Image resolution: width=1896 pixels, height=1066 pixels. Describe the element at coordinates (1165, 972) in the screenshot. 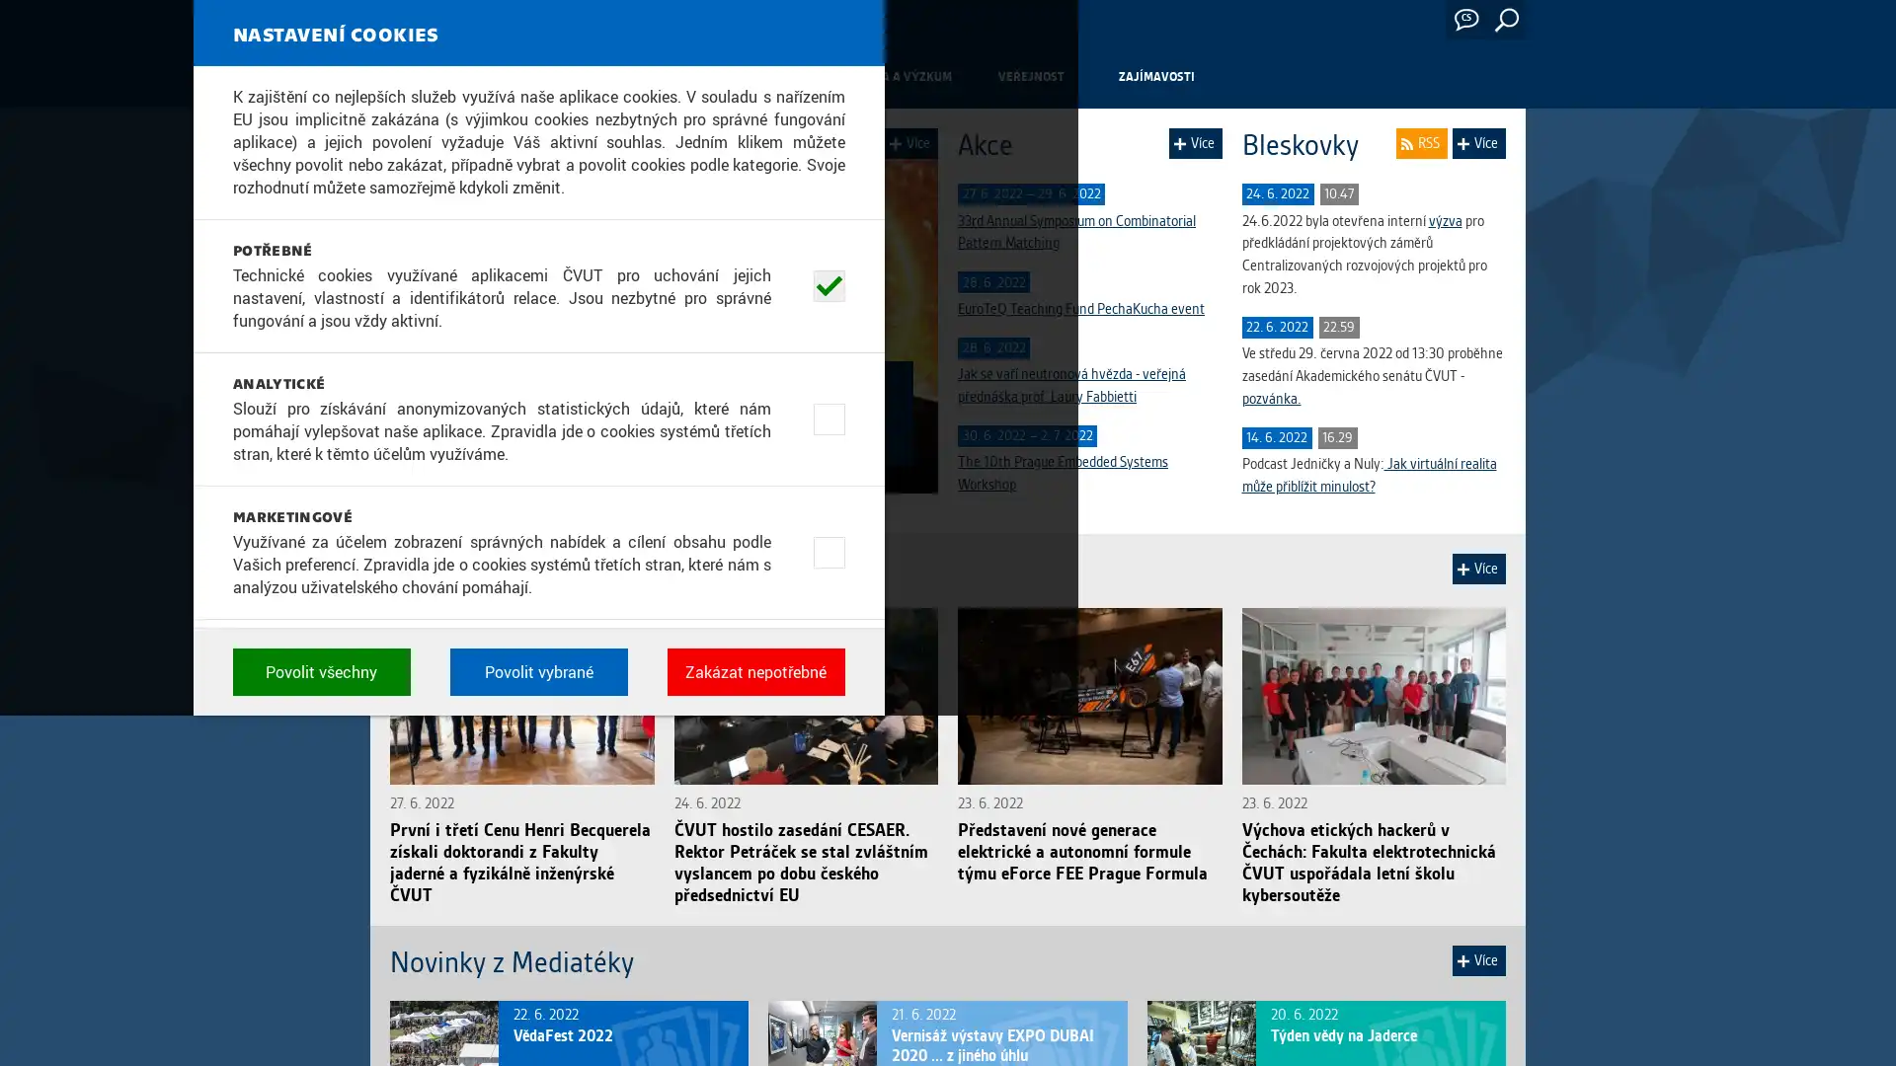

I see `Zakazat nepotrebne` at that location.